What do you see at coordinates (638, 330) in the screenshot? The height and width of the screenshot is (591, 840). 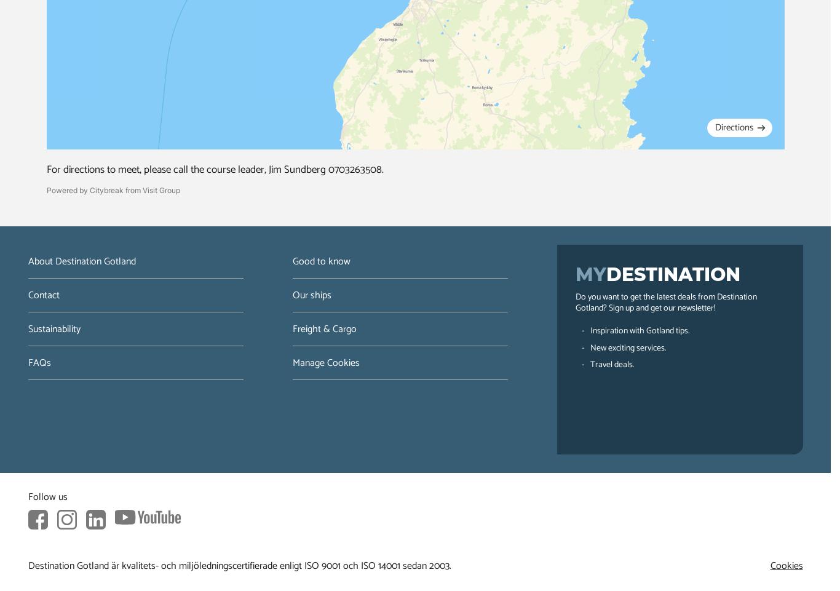 I see `'Inspiration with Gotland tips.'` at bounding box center [638, 330].